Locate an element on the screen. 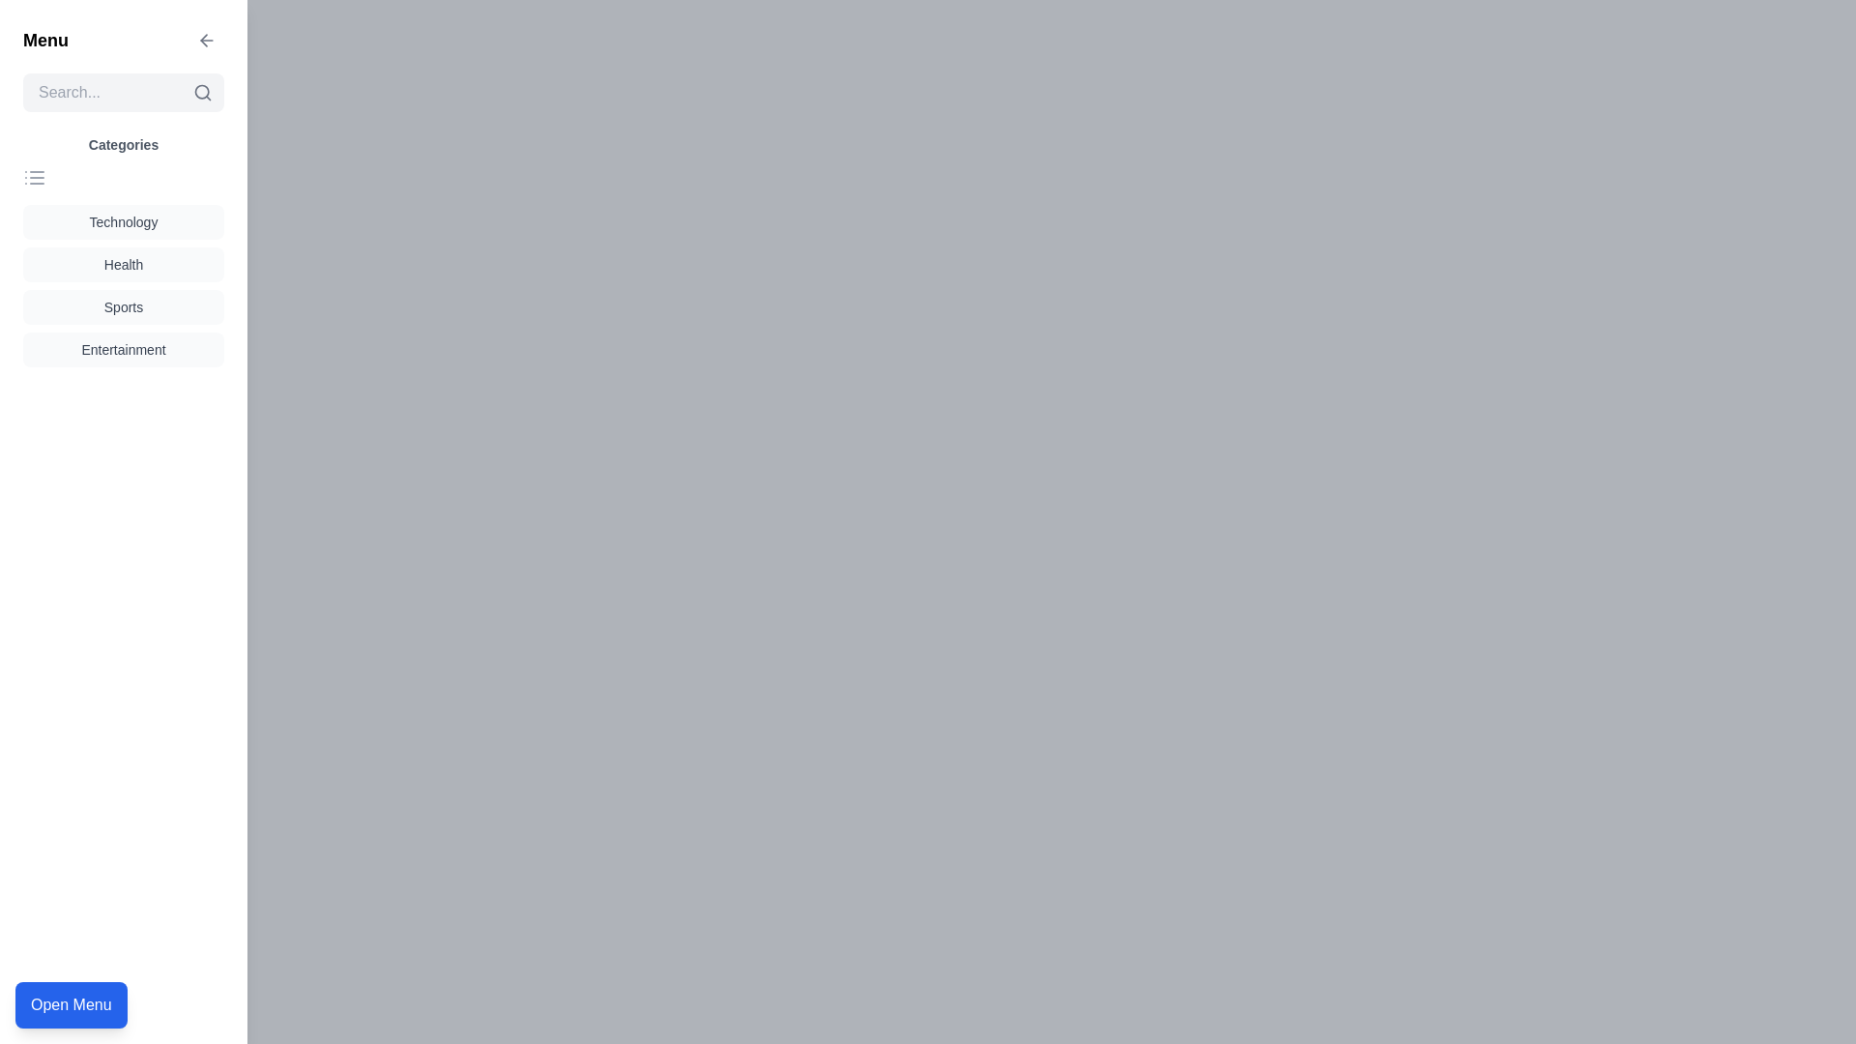 This screenshot has width=1856, height=1044. the fourth button in the vertical list under the 'Categories' section on the left sidebar is located at coordinates (123, 350).